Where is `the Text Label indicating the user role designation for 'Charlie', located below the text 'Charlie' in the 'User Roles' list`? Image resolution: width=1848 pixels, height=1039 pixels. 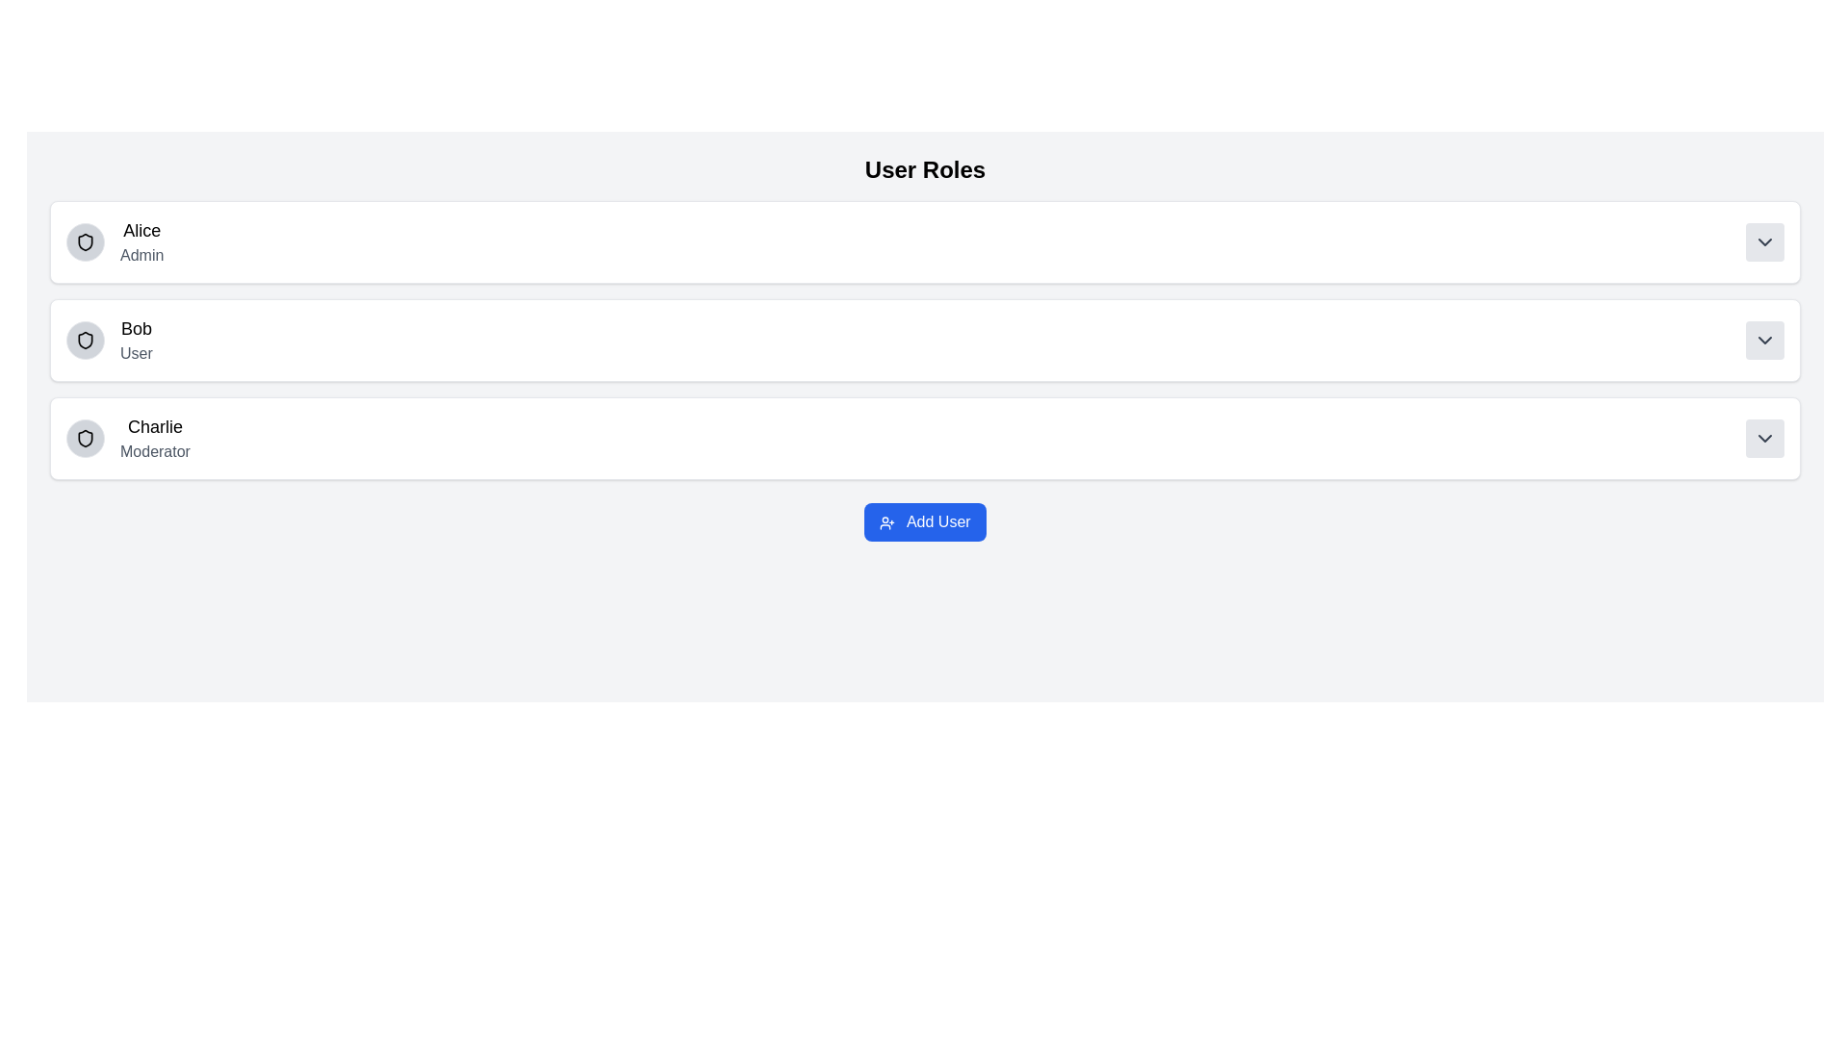 the Text Label indicating the user role designation for 'Charlie', located below the text 'Charlie' in the 'User Roles' list is located at coordinates (155, 452).